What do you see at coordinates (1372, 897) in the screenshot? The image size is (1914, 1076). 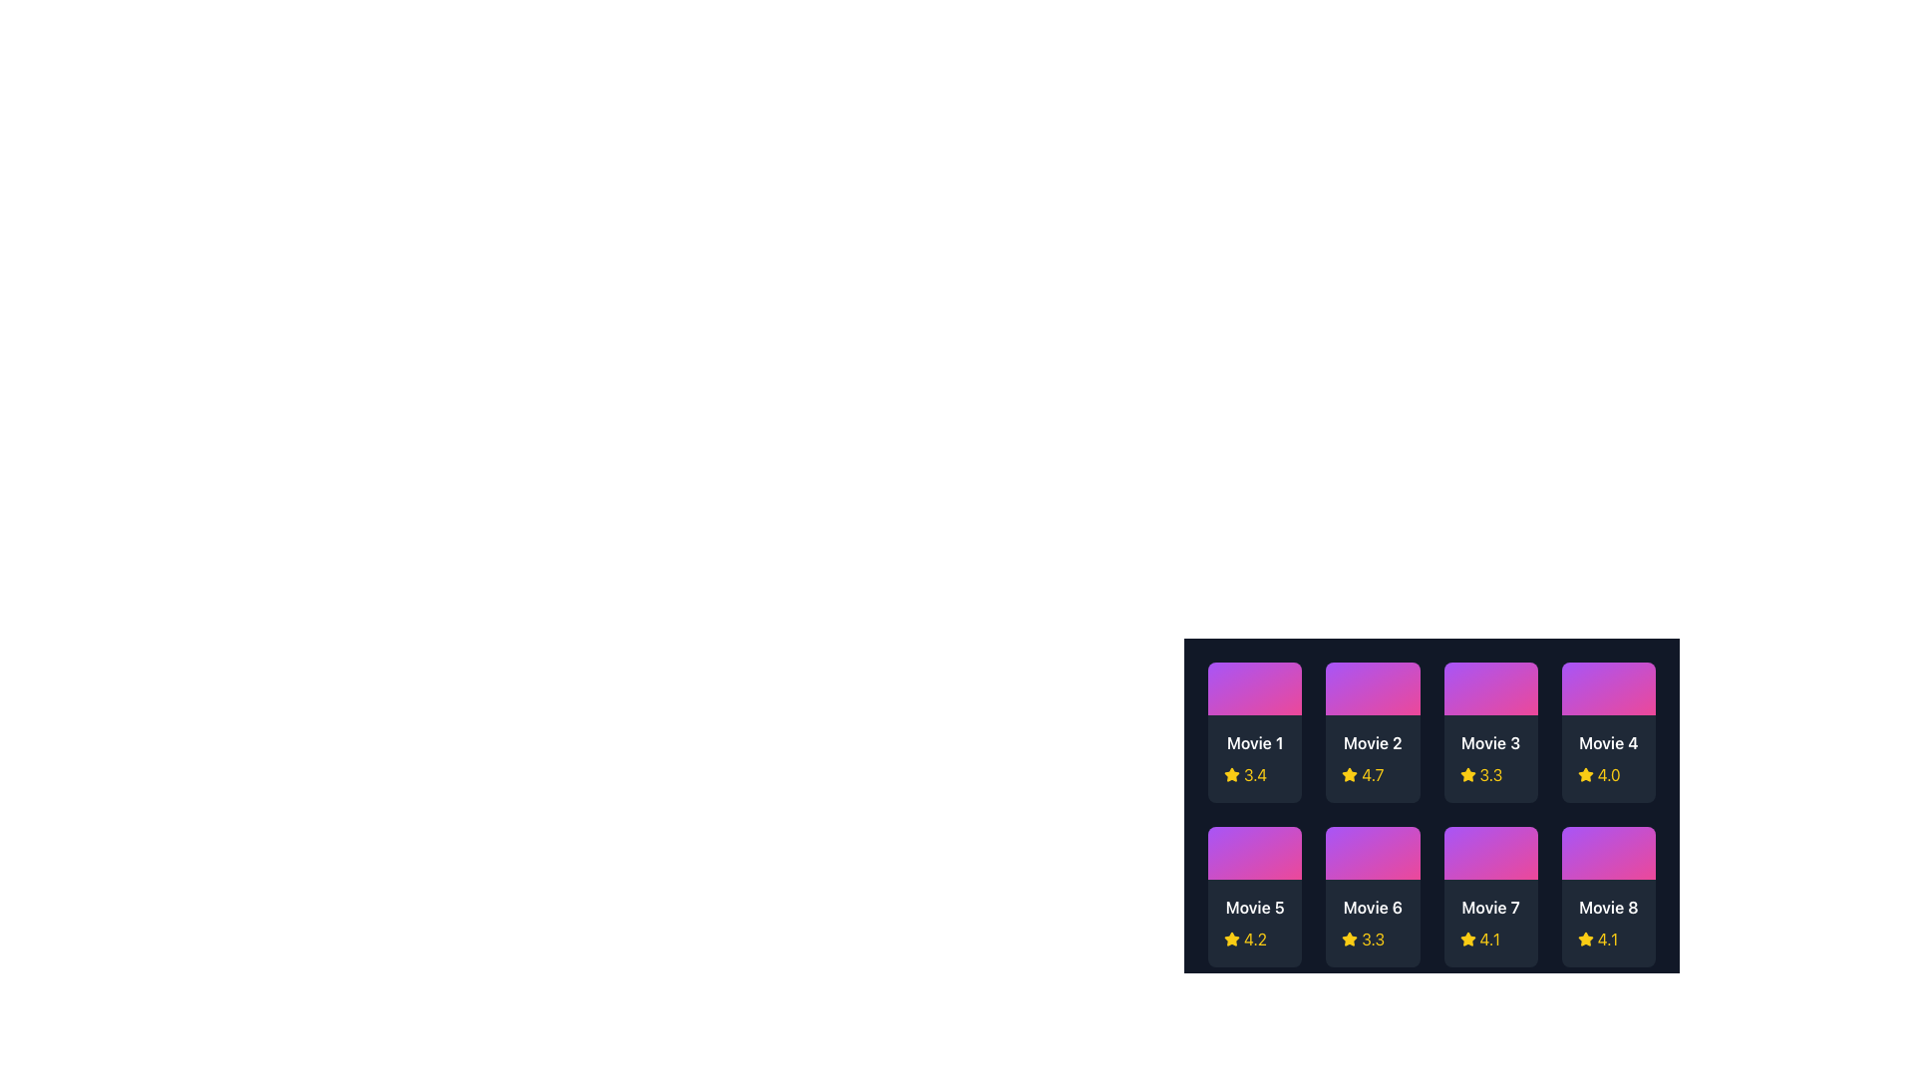 I see `the movie card labeled 'Movie 6' which features a gradient background transitioning from purple to pink, with the title 'Movie 6' in bold white text and a rating of '3.3' in yellow underneath` at bounding box center [1372, 897].